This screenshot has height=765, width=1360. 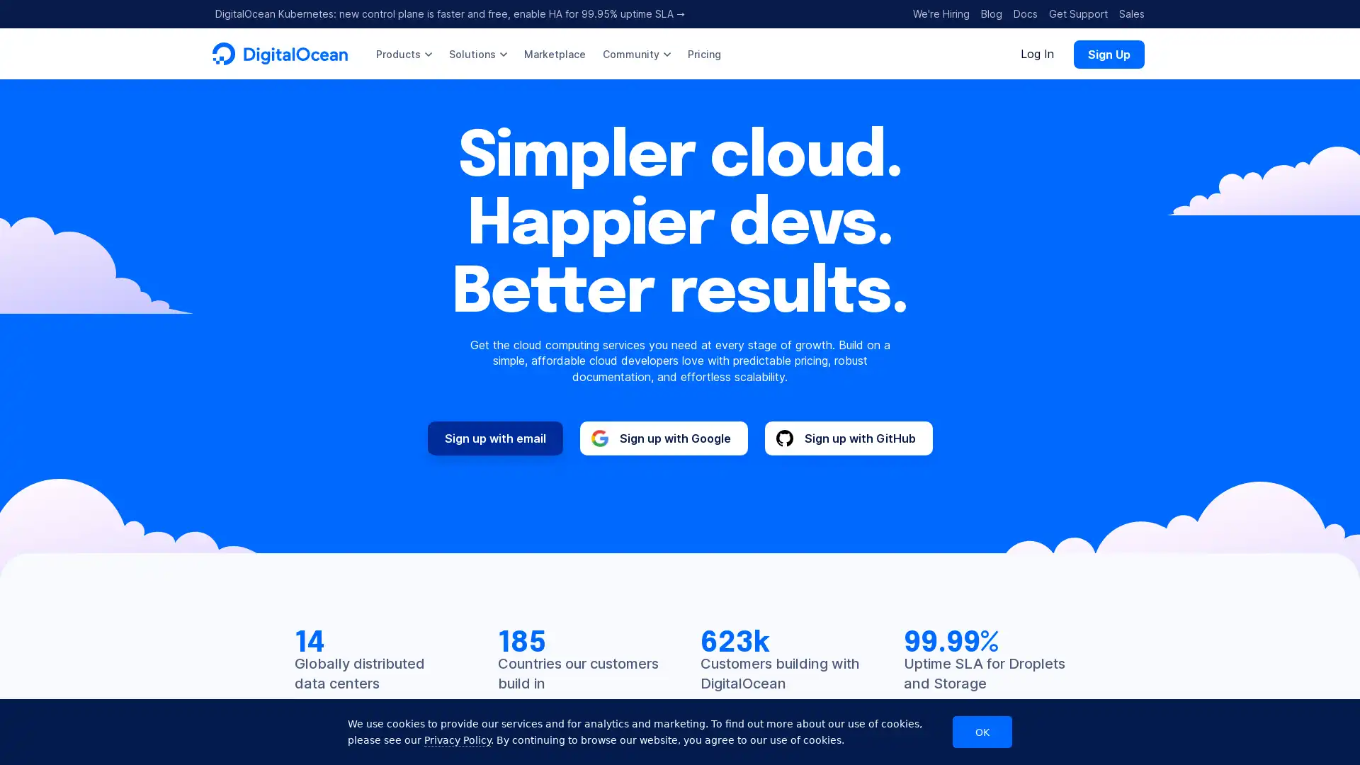 I want to click on OK, so click(x=982, y=732).